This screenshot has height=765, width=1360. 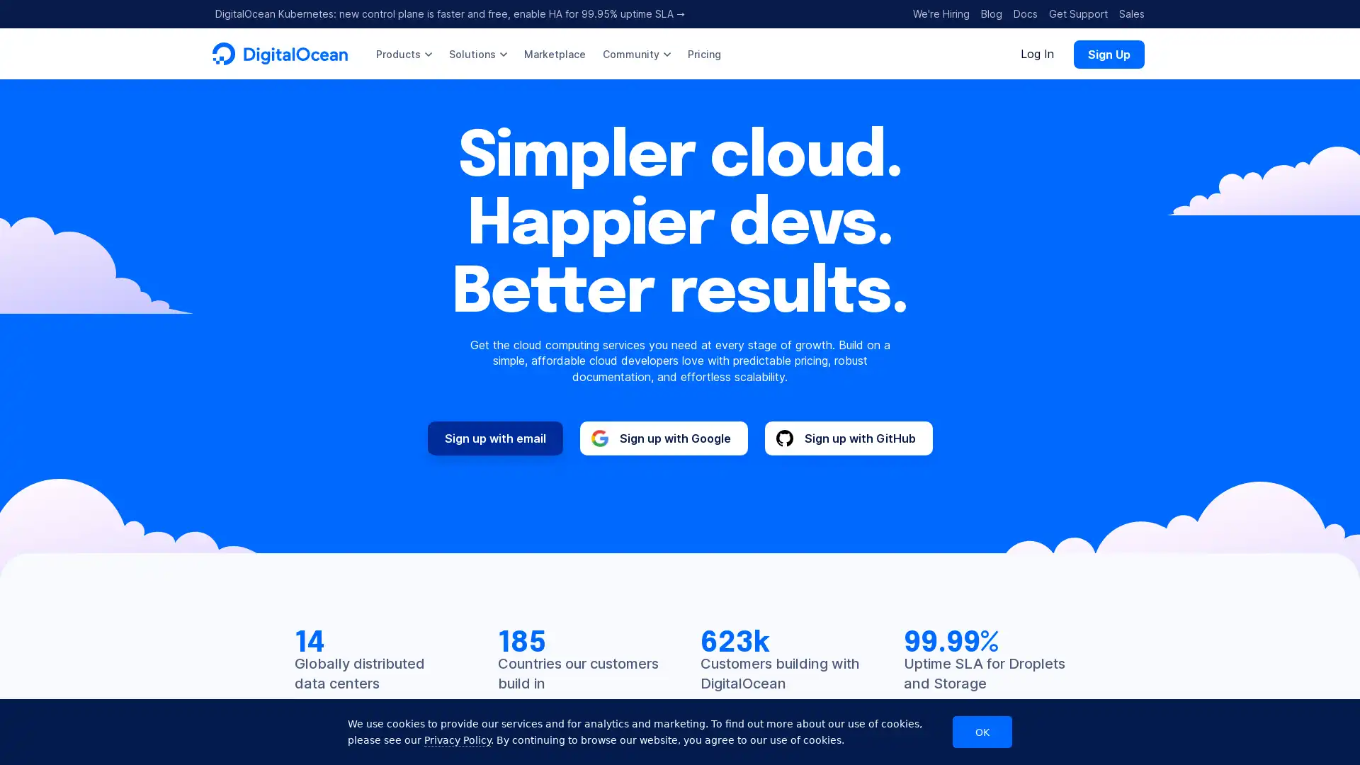 I want to click on OK, so click(x=982, y=732).